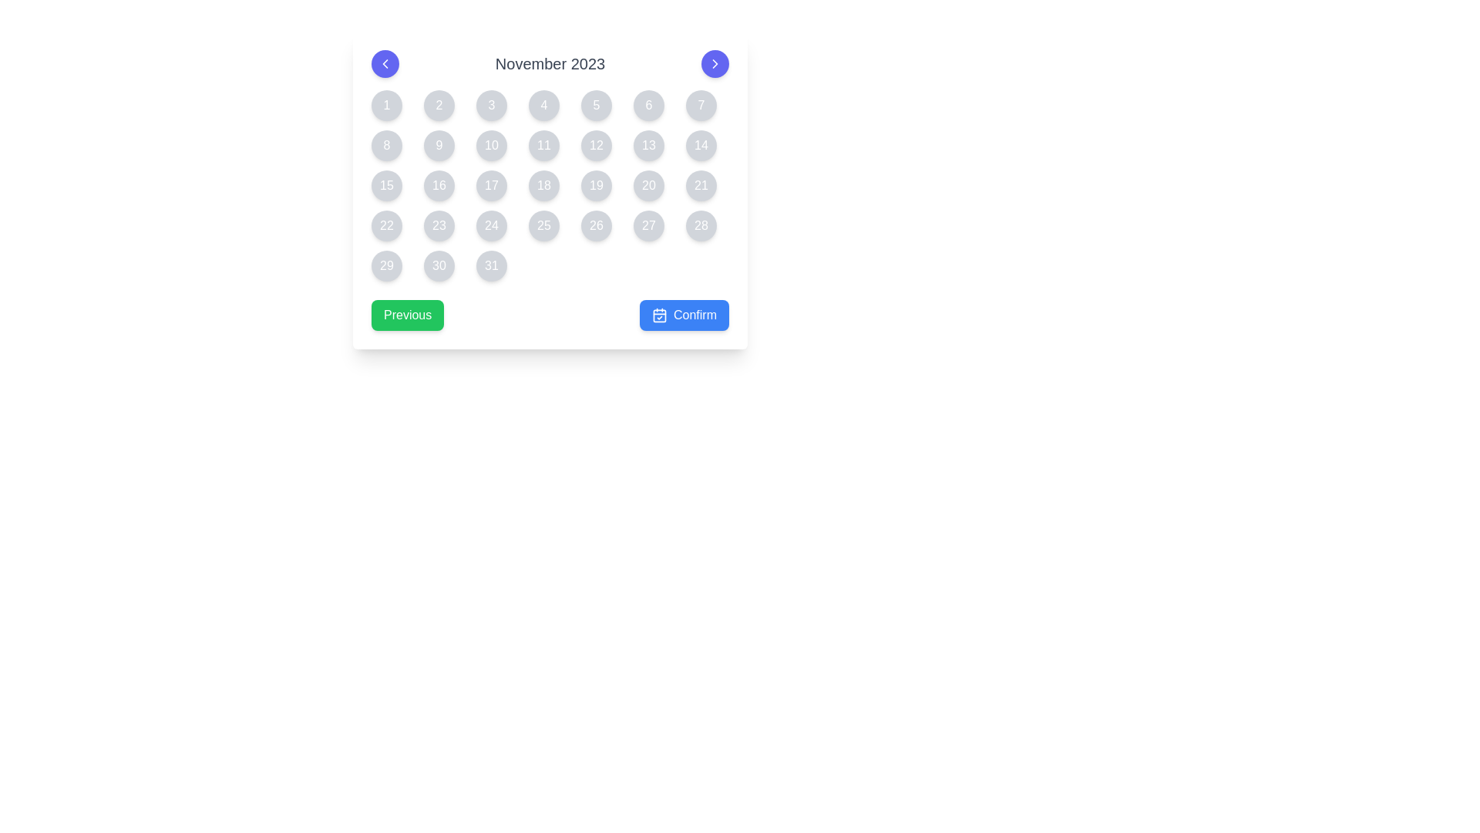 The image size is (1480, 833). What do you see at coordinates (701, 226) in the screenshot?
I see `the date selection button for '28' in the calendar grid` at bounding box center [701, 226].